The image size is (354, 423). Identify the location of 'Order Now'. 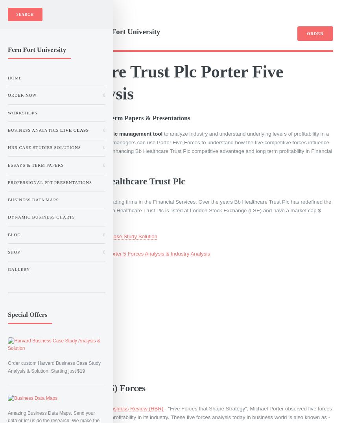
(7, 95).